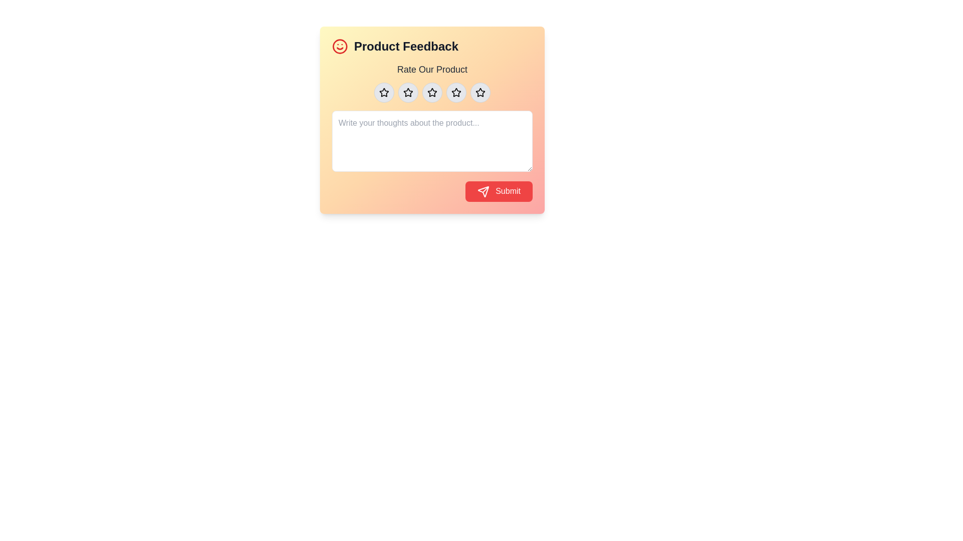 The height and width of the screenshot is (541, 963). Describe the element at coordinates (432, 93) in the screenshot. I see `the third star Rating button, which has a black star outline on a gray circular background` at that location.